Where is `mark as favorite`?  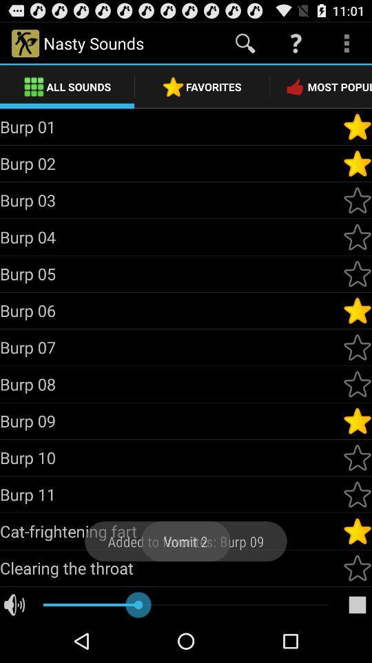
mark as favorite is located at coordinates (357, 311).